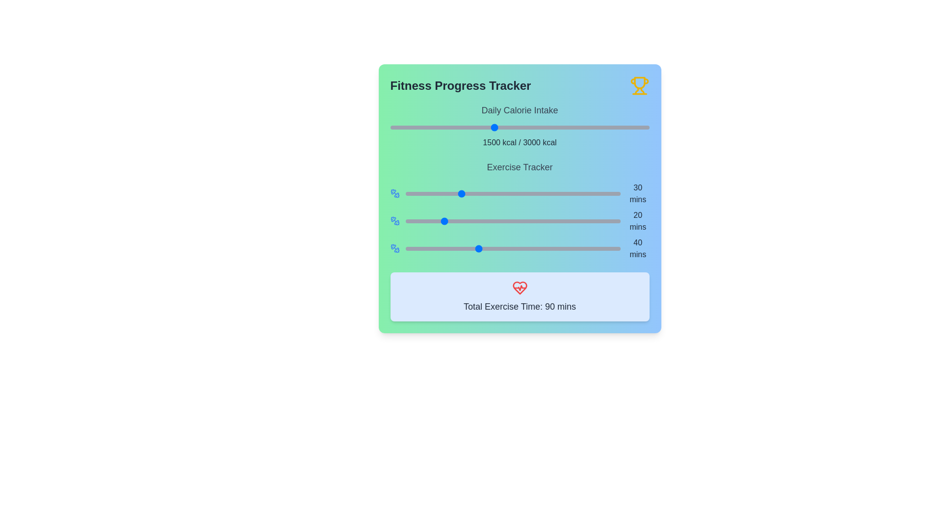  What do you see at coordinates (599, 248) in the screenshot?
I see `the exercise time` at bounding box center [599, 248].